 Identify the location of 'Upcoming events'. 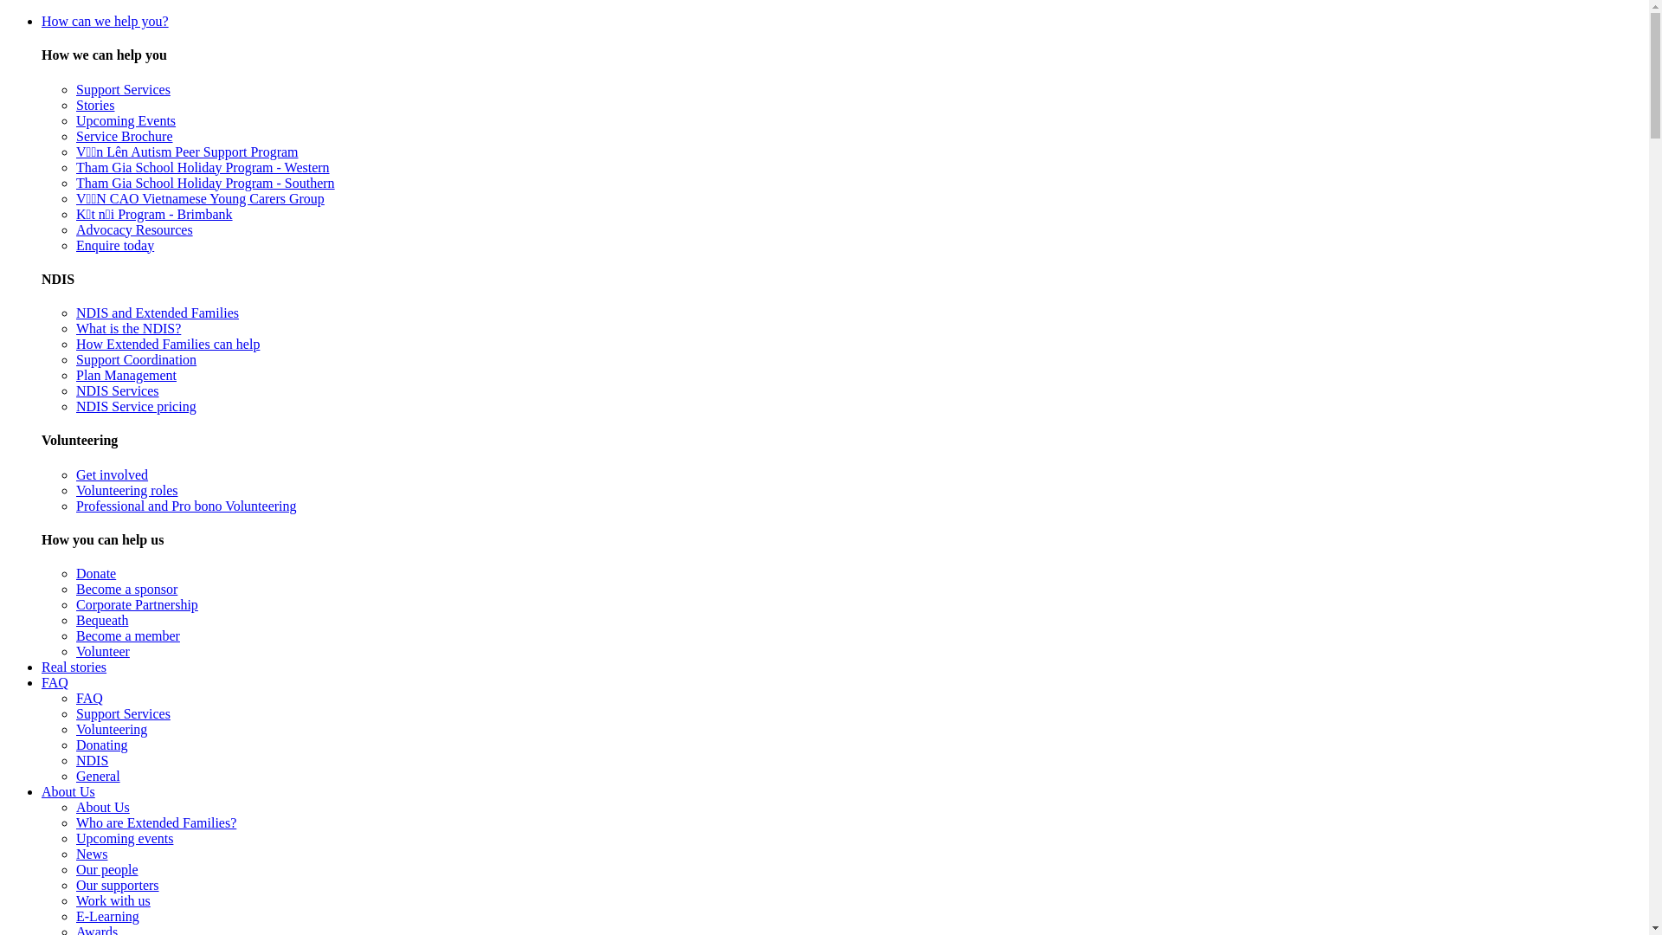
(74, 837).